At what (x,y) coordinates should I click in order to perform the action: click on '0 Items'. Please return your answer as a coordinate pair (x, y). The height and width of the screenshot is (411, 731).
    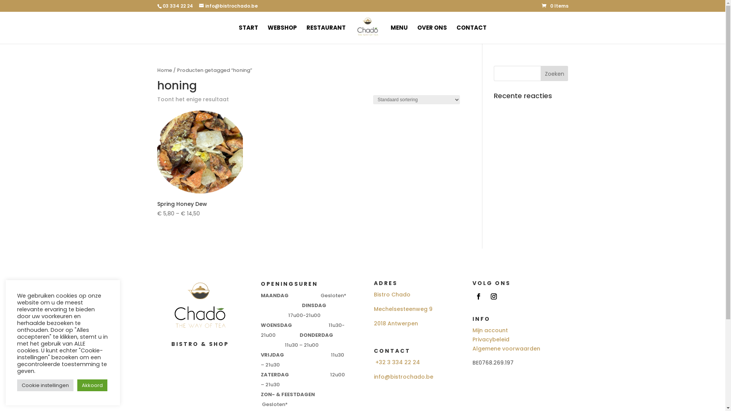
    Looking at the image, I should click on (555, 6).